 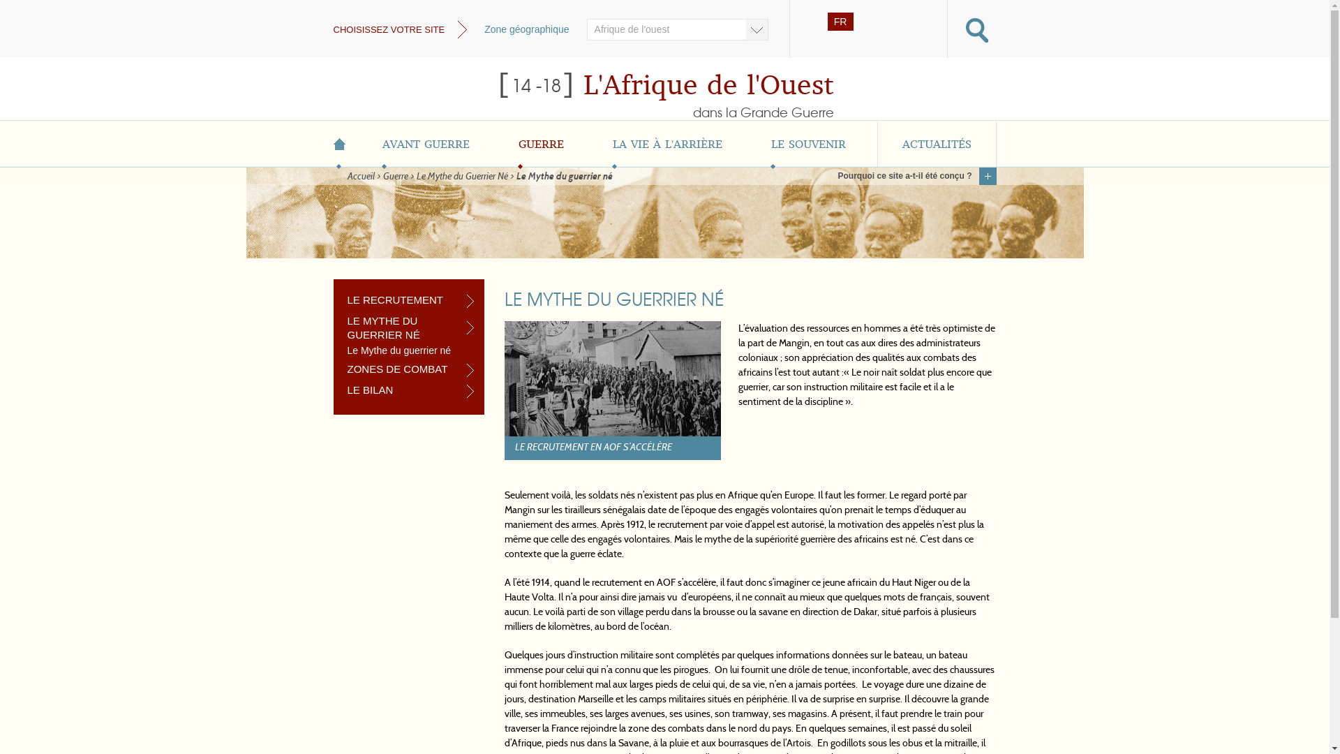 I want to click on 'LE BILAN', so click(x=410, y=390).